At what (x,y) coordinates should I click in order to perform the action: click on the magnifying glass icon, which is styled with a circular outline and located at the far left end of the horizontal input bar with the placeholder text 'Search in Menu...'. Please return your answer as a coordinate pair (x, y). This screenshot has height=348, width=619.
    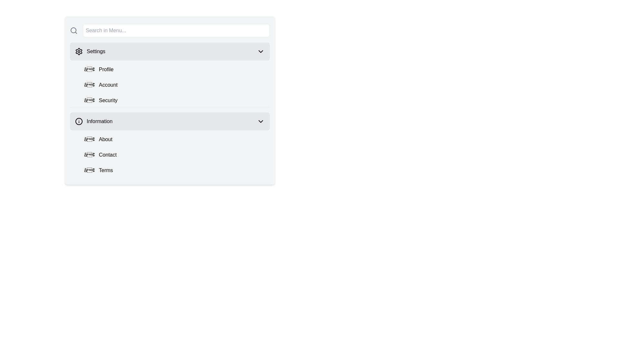
    Looking at the image, I should click on (74, 31).